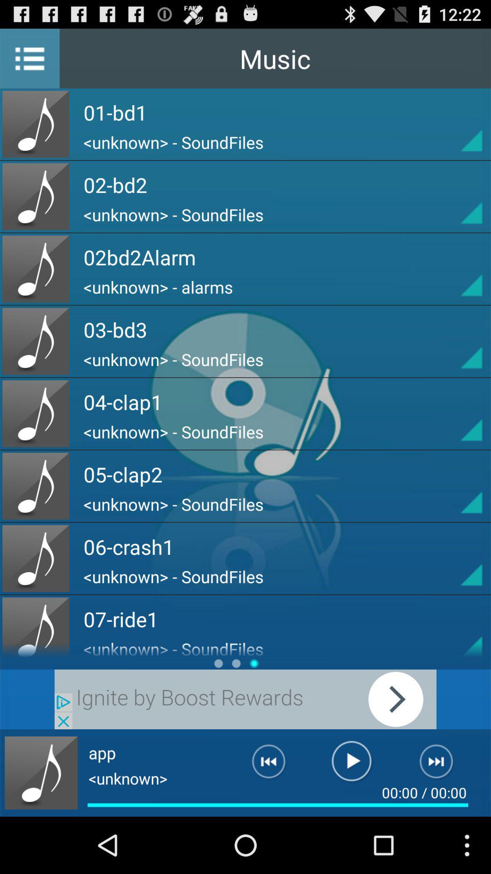 This screenshot has height=874, width=491. I want to click on details about the song, so click(455, 124).